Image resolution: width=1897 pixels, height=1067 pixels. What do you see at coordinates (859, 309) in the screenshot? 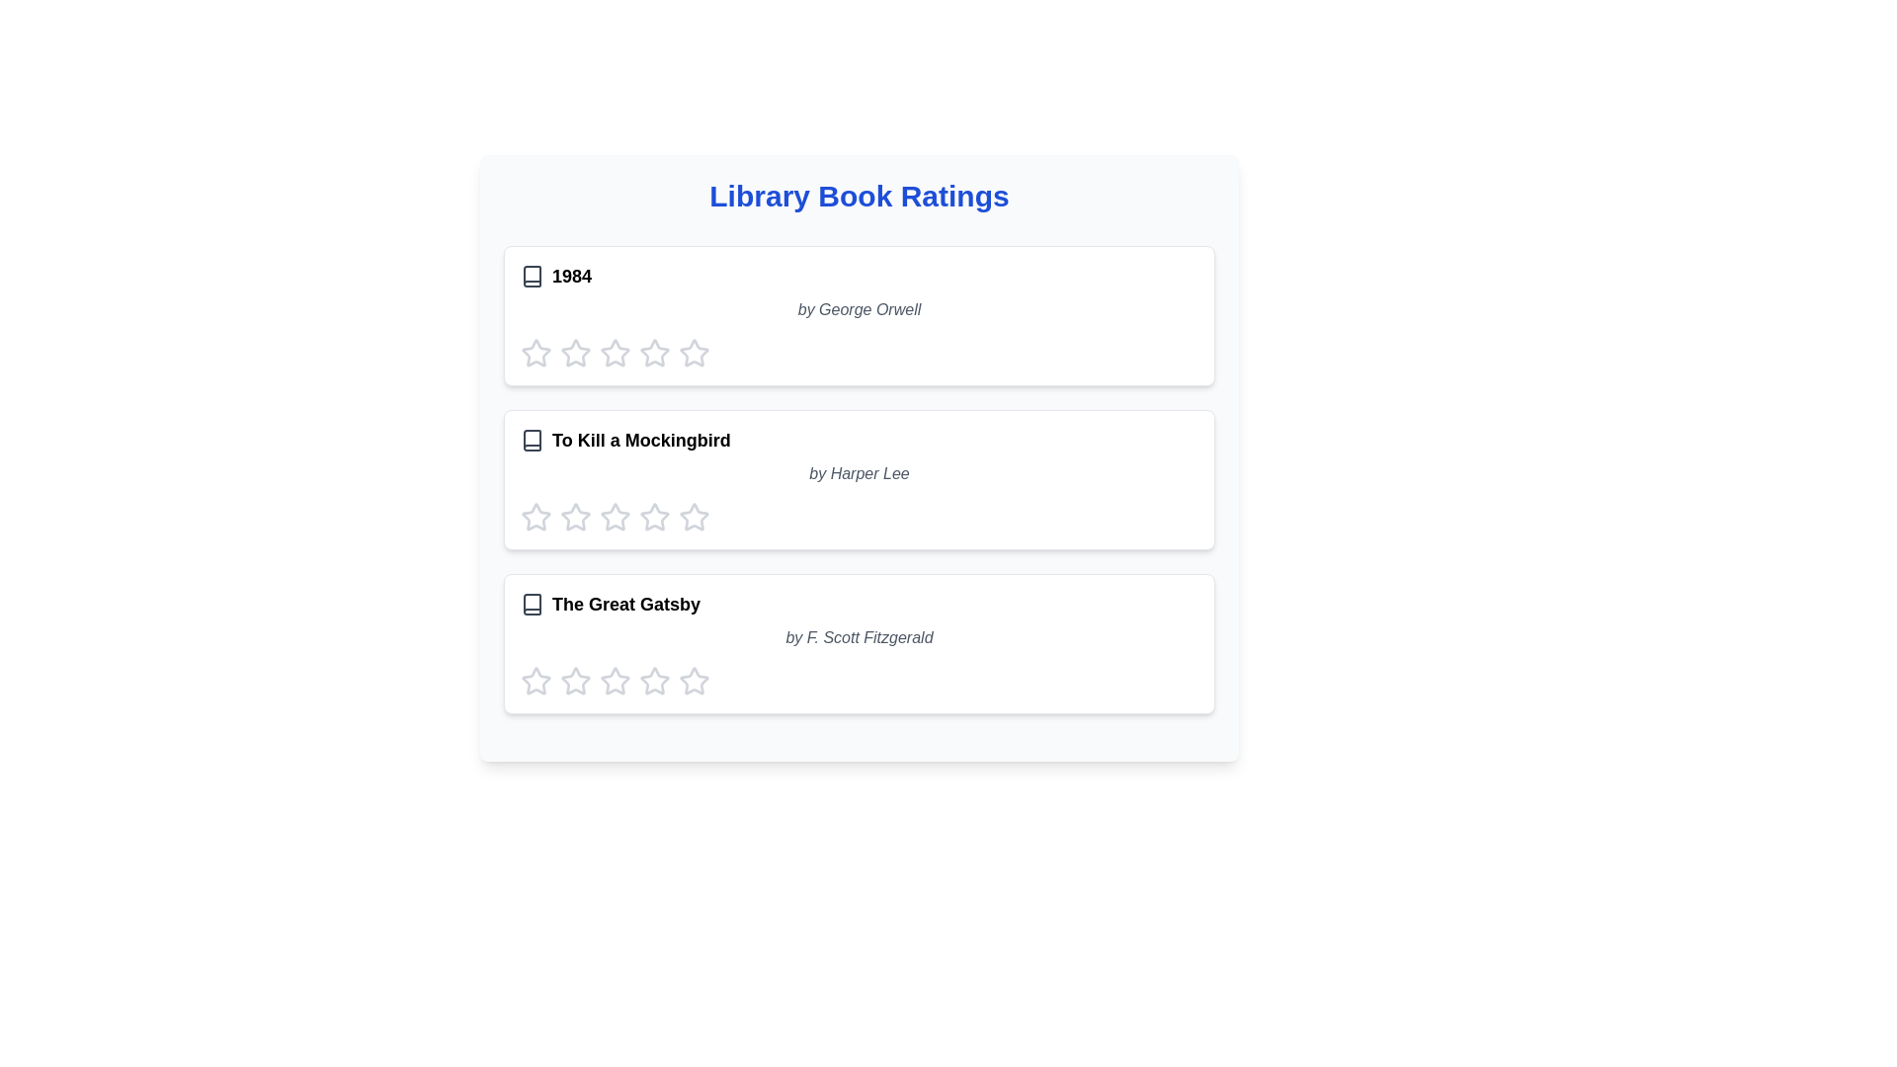
I see `the text label displaying the author of the book '1984', located in the first card of book ratings, beneath the book title and above the rating stars` at bounding box center [859, 309].